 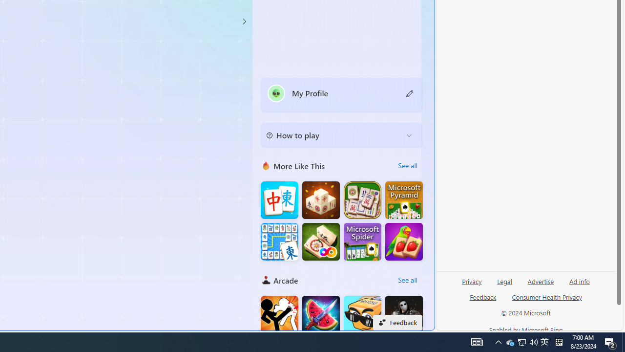 I want to click on 'Mahjong 3D Connect', so click(x=321, y=199).